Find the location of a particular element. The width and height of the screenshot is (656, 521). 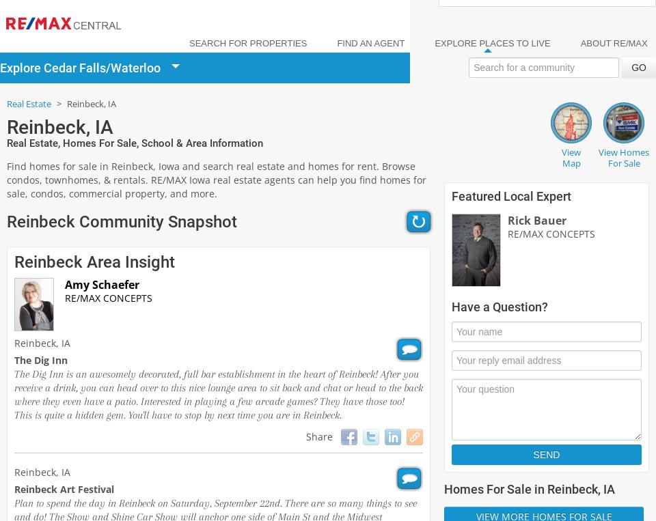

'Rick Bauer' is located at coordinates (536, 220).